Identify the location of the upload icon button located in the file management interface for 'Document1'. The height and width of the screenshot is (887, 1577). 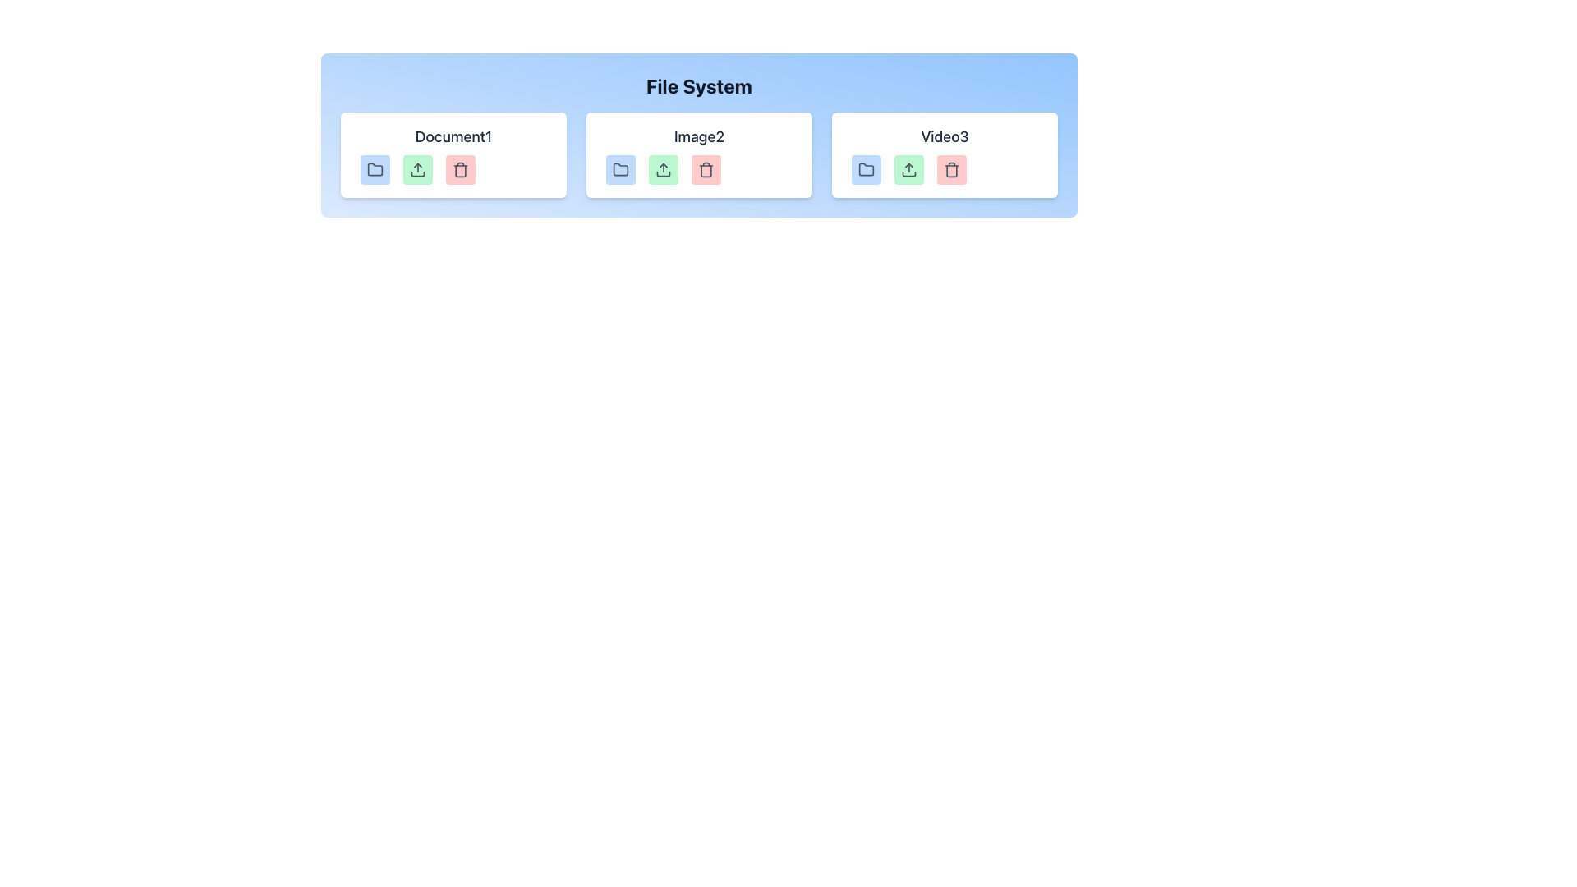
(417, 170).